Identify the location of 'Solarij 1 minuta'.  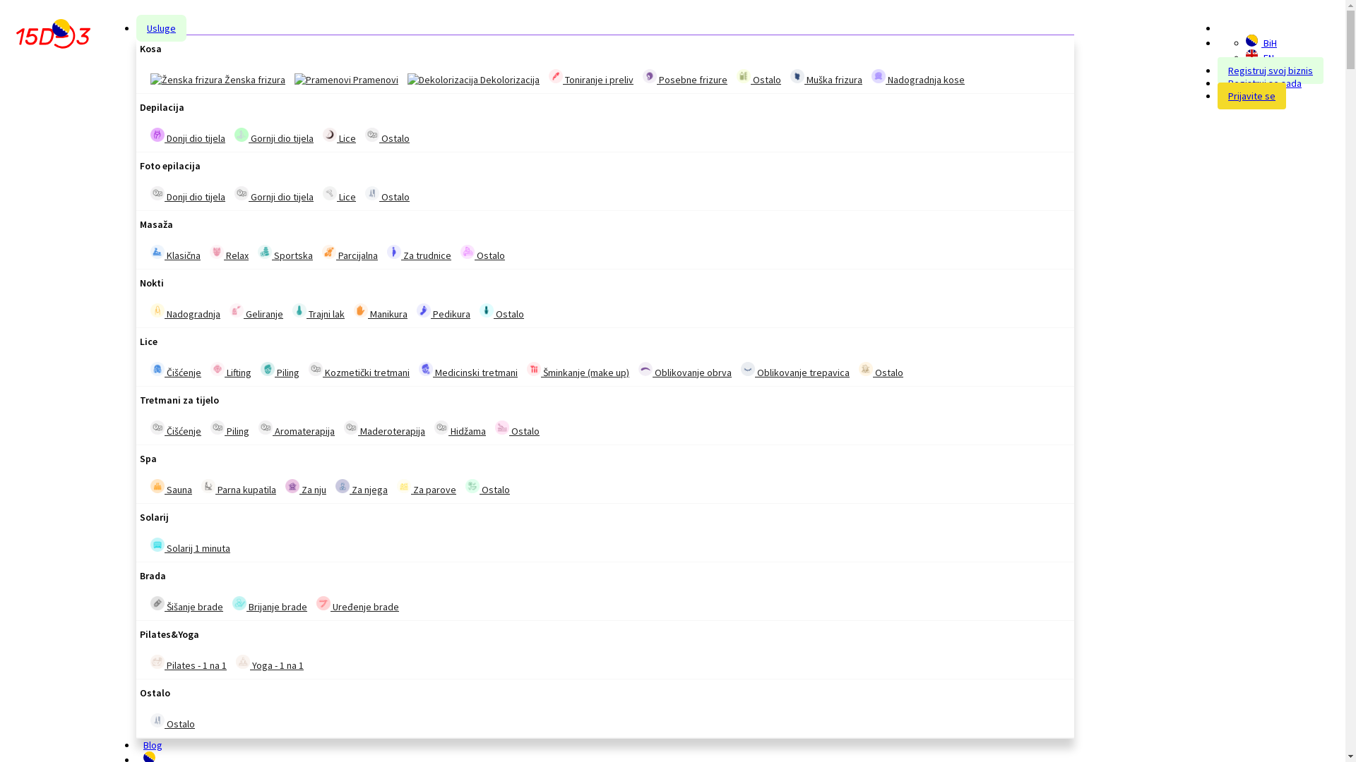
(150, 543).